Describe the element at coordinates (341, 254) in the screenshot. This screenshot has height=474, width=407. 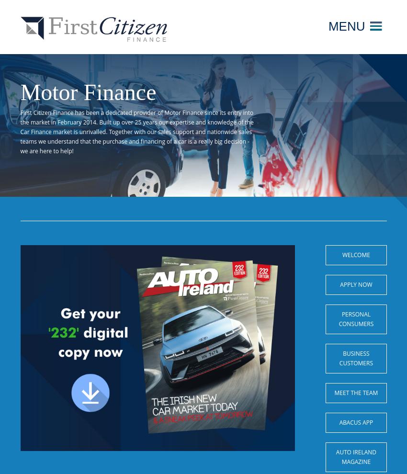
I see `'Welcome'` at that location.